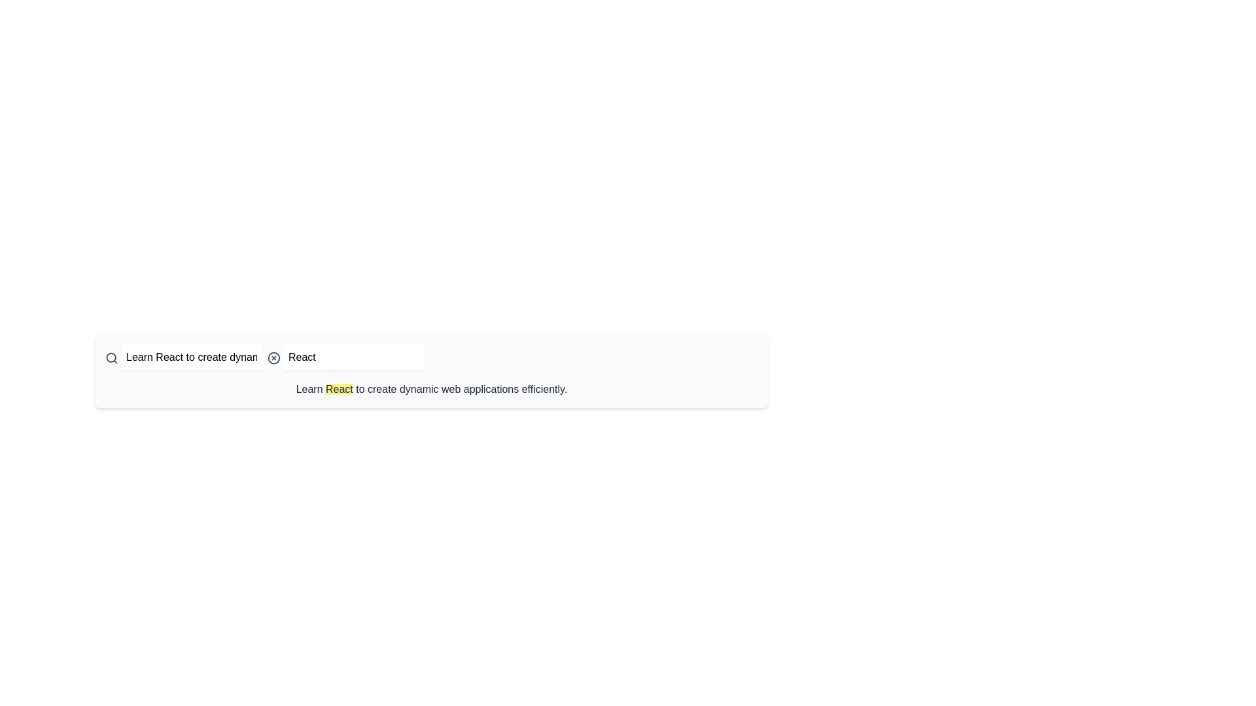  I want to click on the text input field, so click(190, 358).